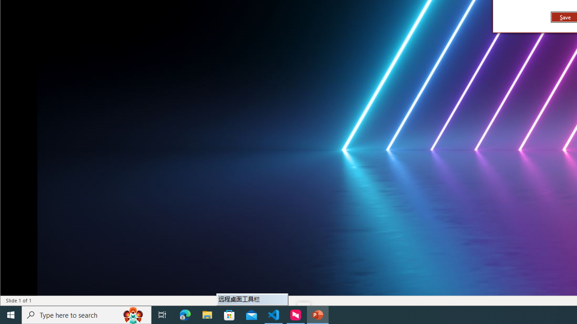  What do you see at coordinates (185, 314) in the screenshot?
I see `'Microsoft Edge'` at bounding box center [185, 314].